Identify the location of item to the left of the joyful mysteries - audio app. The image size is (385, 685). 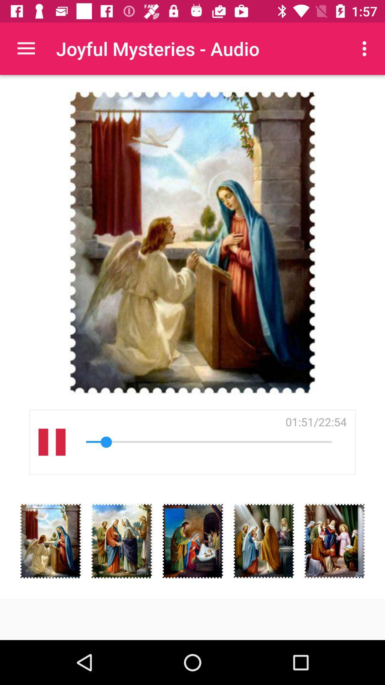
(26, 48).